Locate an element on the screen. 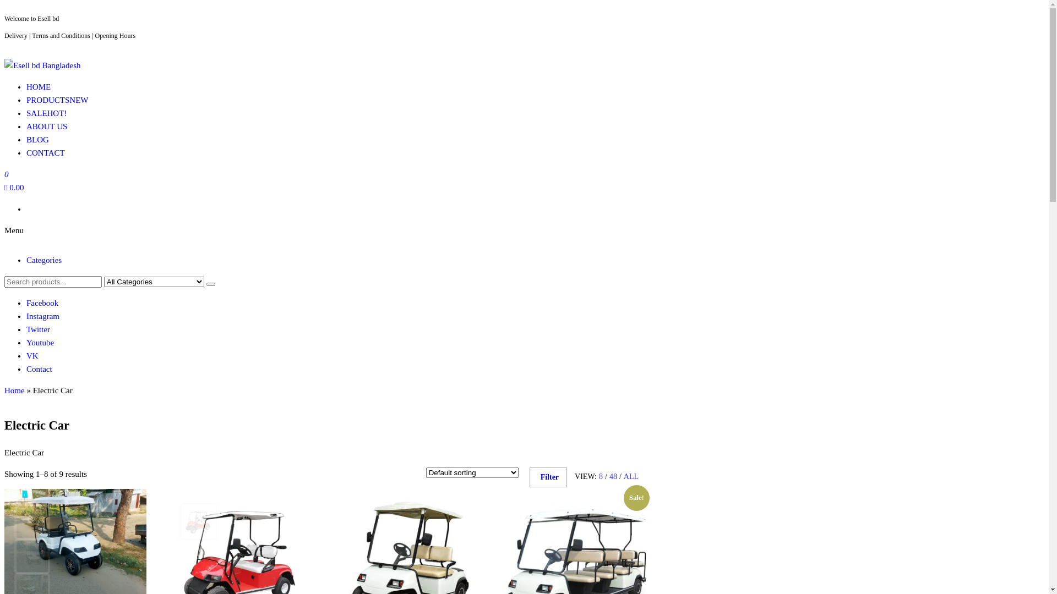  '48' is located at coordinates (612, 476).